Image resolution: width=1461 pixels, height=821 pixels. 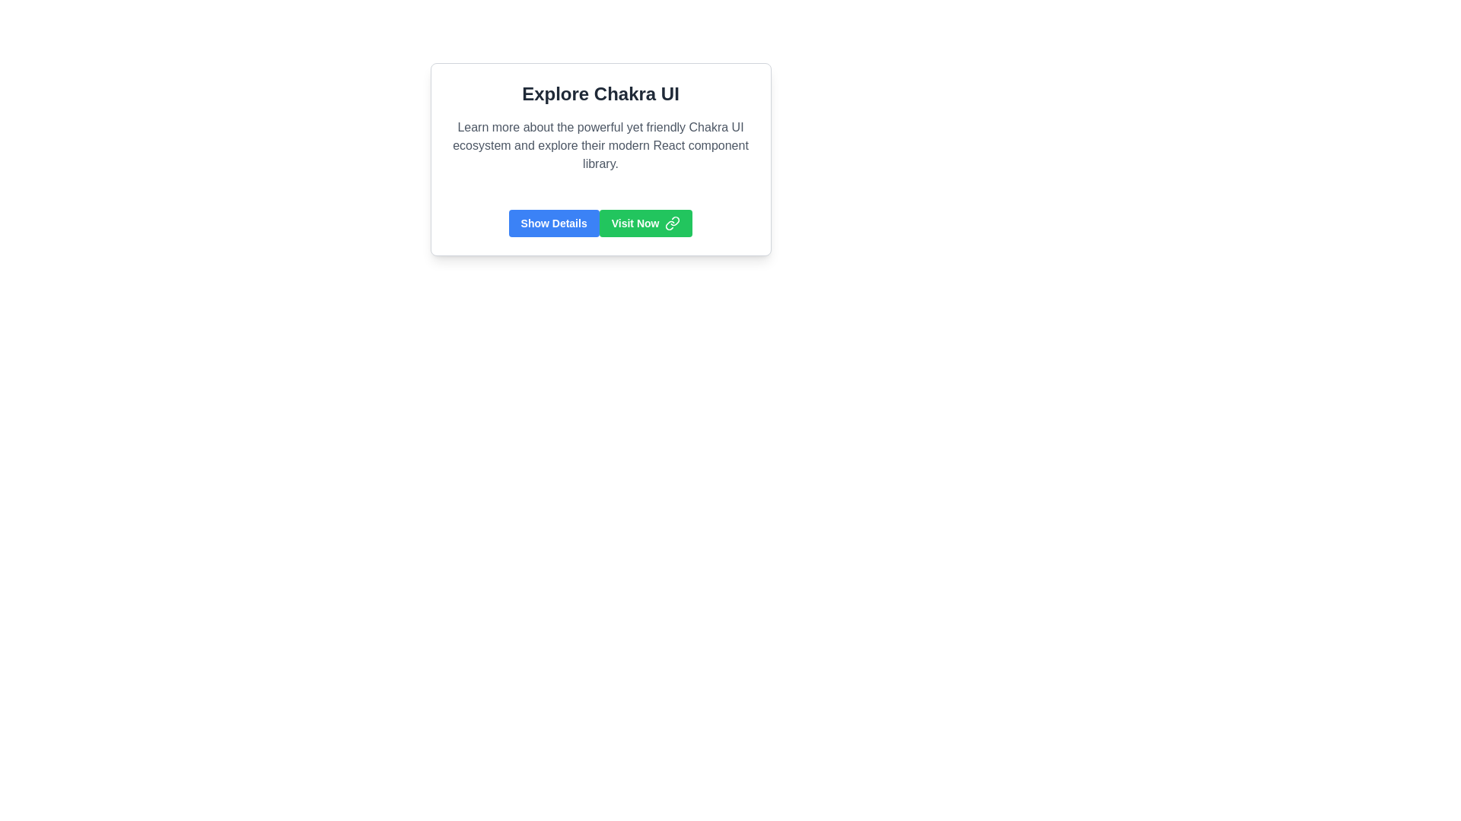 What do you see at coordinates (672, 223) in the screenshot?
I see `the 'Visit Now' button, which is a green rectangular button located to the left of the small green hyperlink icon with interlocking chain links` at bounding box center [672, 223].